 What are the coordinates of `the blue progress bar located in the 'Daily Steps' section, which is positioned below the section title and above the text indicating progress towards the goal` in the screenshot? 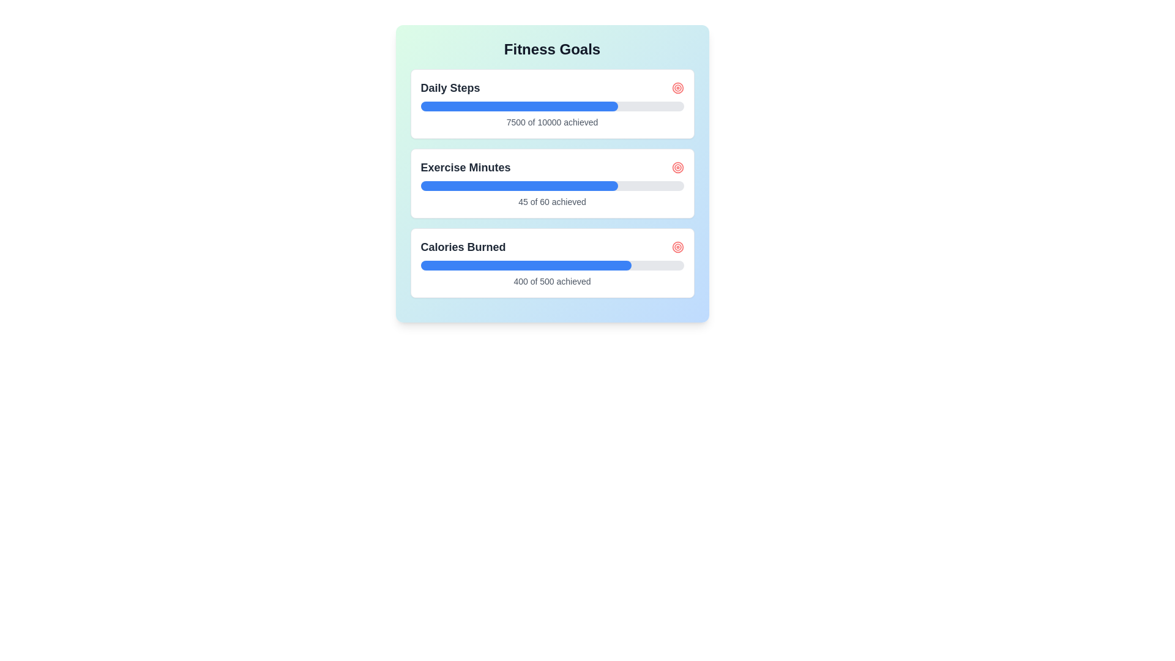 It's located at (519, 105).